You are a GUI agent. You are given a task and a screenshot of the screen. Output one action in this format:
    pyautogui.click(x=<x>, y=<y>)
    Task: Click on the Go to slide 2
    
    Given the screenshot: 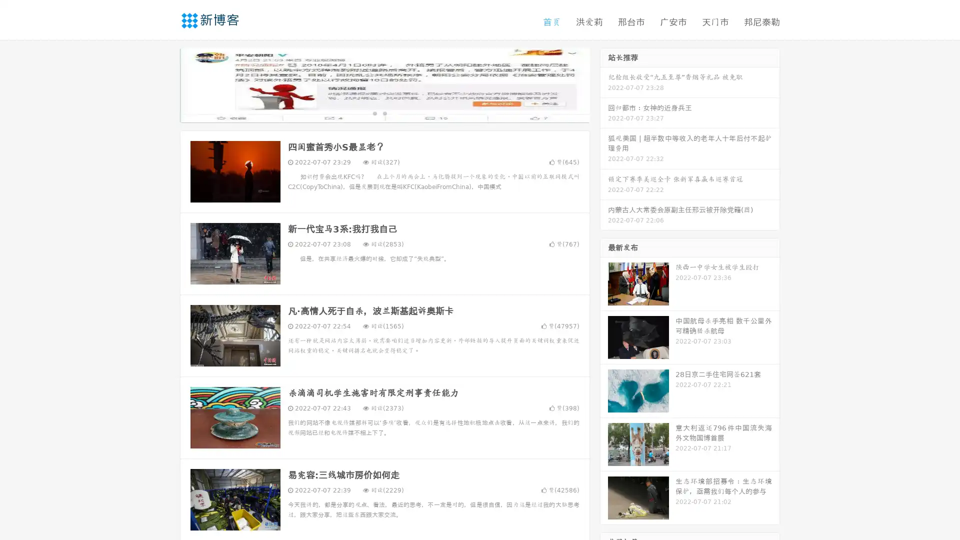 What is the action you would take?
    pyautogui.click(x=384, y=112)
    